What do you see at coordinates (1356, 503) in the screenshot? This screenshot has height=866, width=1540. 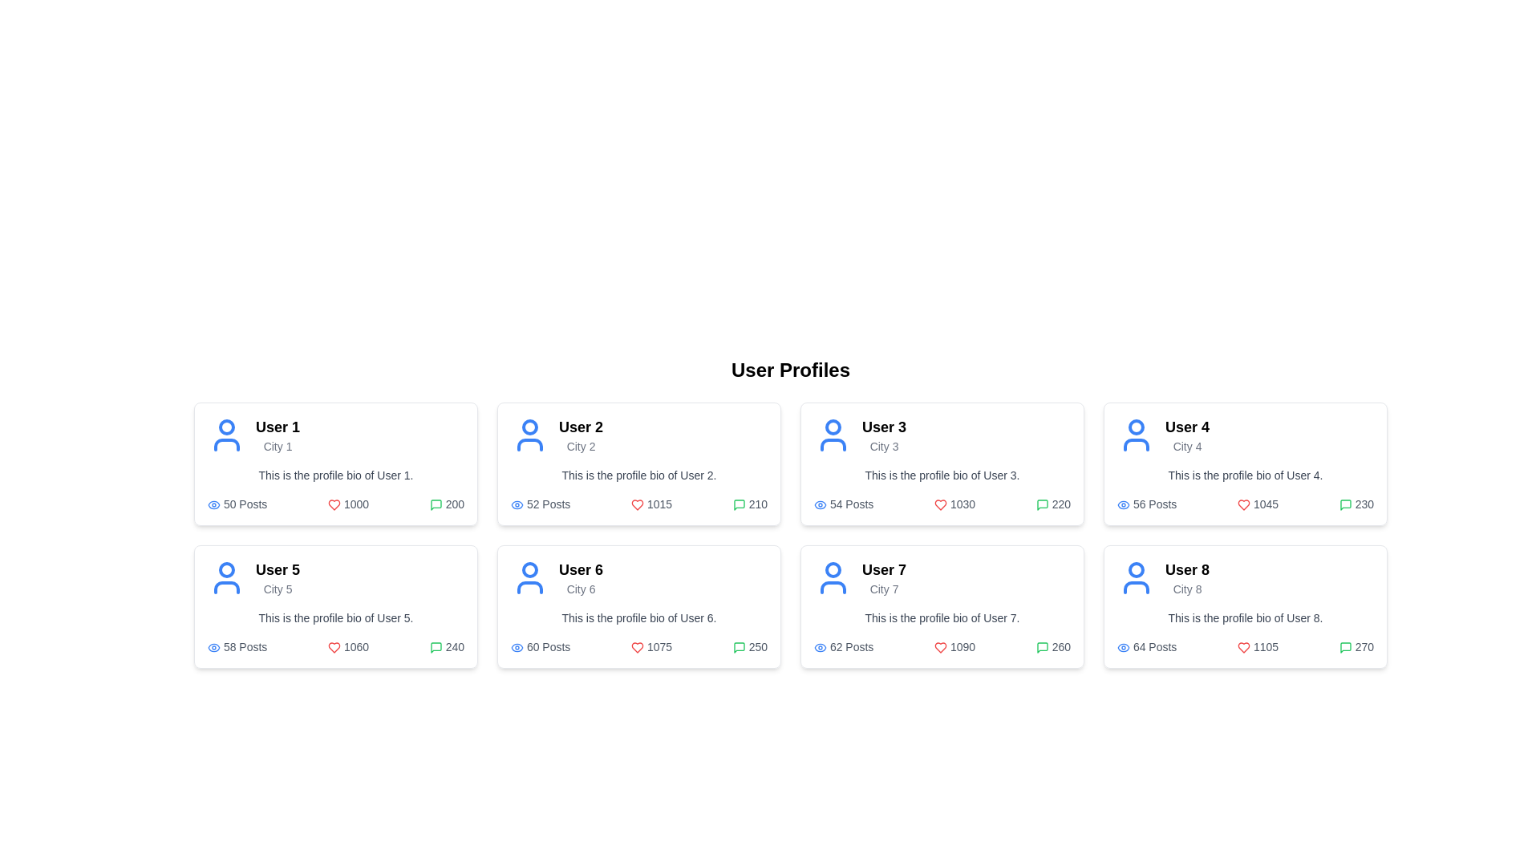 I see `the comment count indicator element, which is represented by a green speech bubble icon with the number '230' displayed to its right, located as the third visual indicator in a sequence of three on a user profile card` at bounding box center [1356, 503].